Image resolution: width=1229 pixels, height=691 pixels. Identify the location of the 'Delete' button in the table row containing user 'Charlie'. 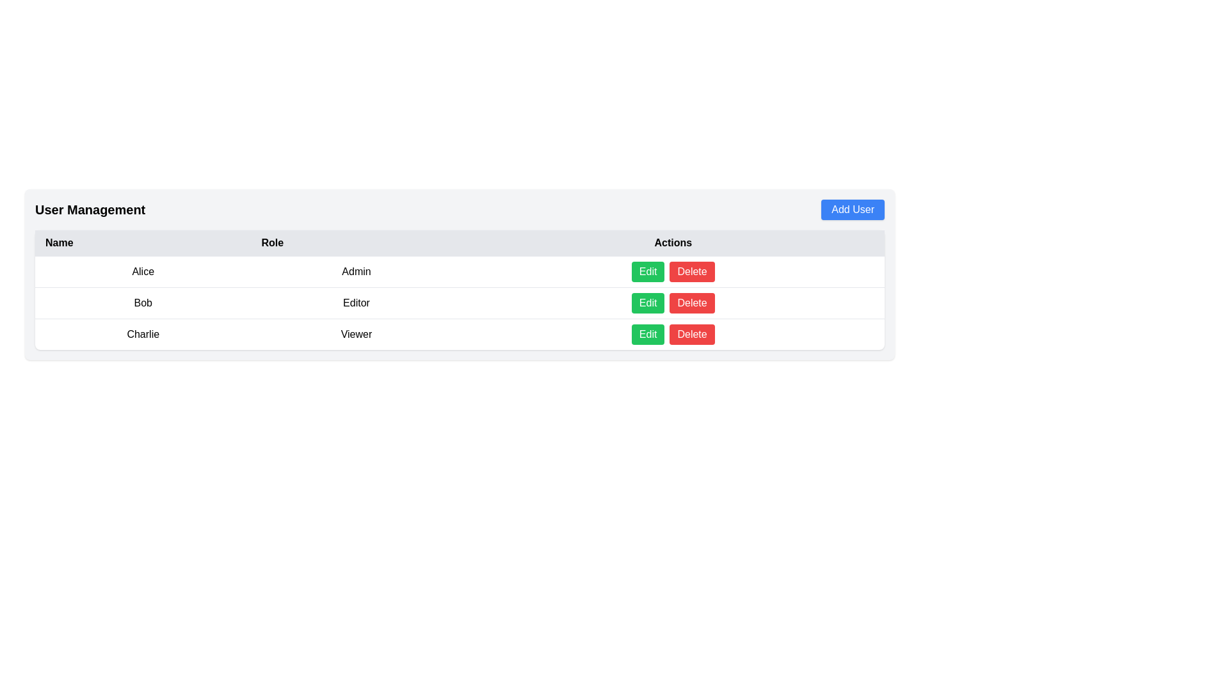
(460, 333).